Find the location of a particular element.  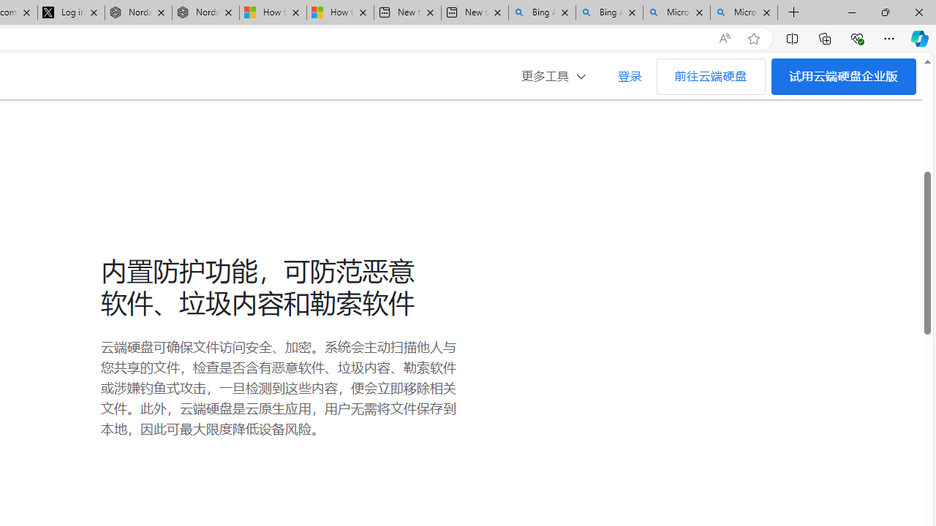

'Microsoft Bing Timeline - Search' is located at coordinates (744, 12).